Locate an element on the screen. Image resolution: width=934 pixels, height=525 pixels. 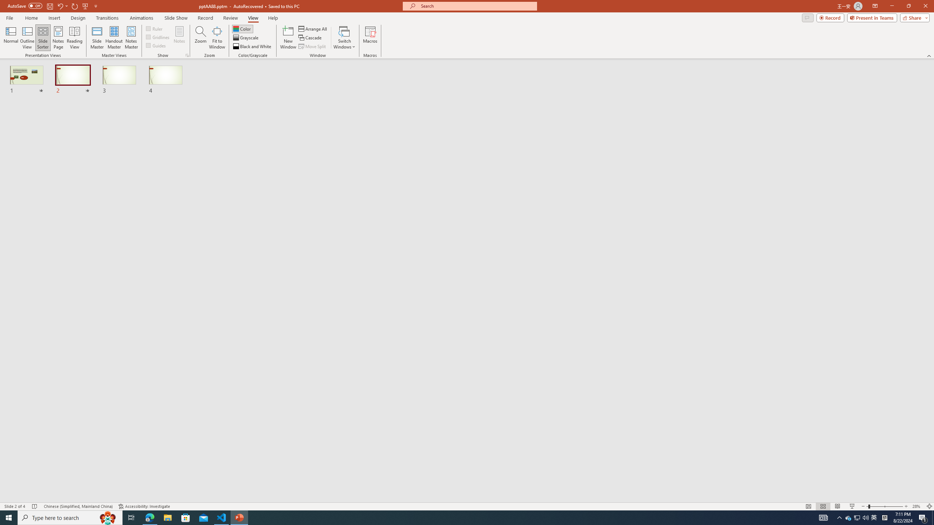
'Ruler' is located at coordinates (154, 28).